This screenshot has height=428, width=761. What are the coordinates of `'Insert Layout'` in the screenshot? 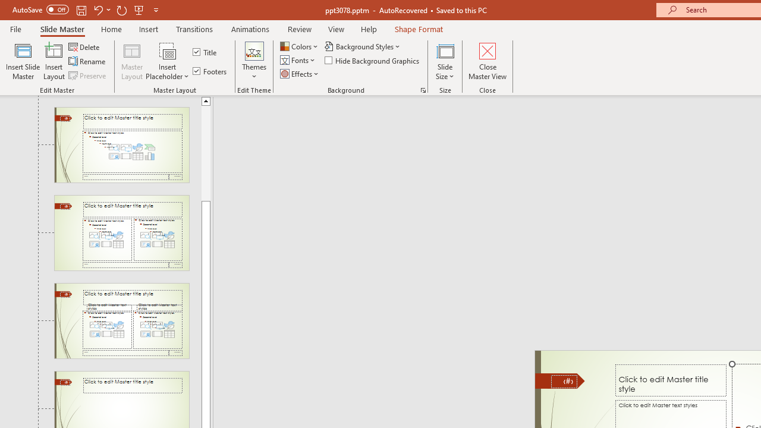 It's located at (54, 61).